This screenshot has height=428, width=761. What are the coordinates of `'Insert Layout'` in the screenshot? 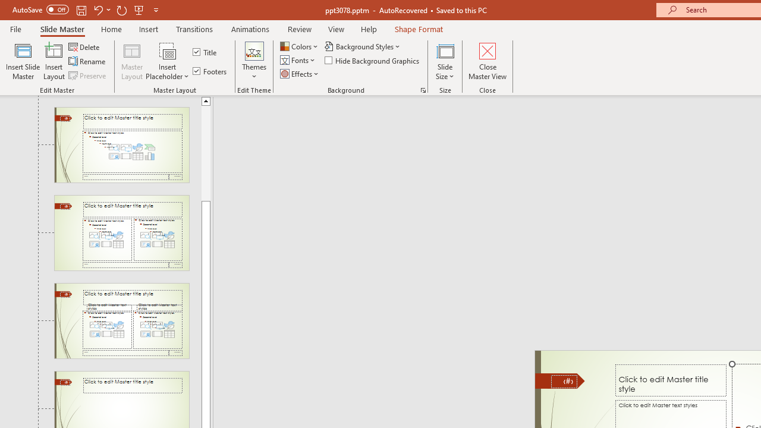 It's located at (54, 61).